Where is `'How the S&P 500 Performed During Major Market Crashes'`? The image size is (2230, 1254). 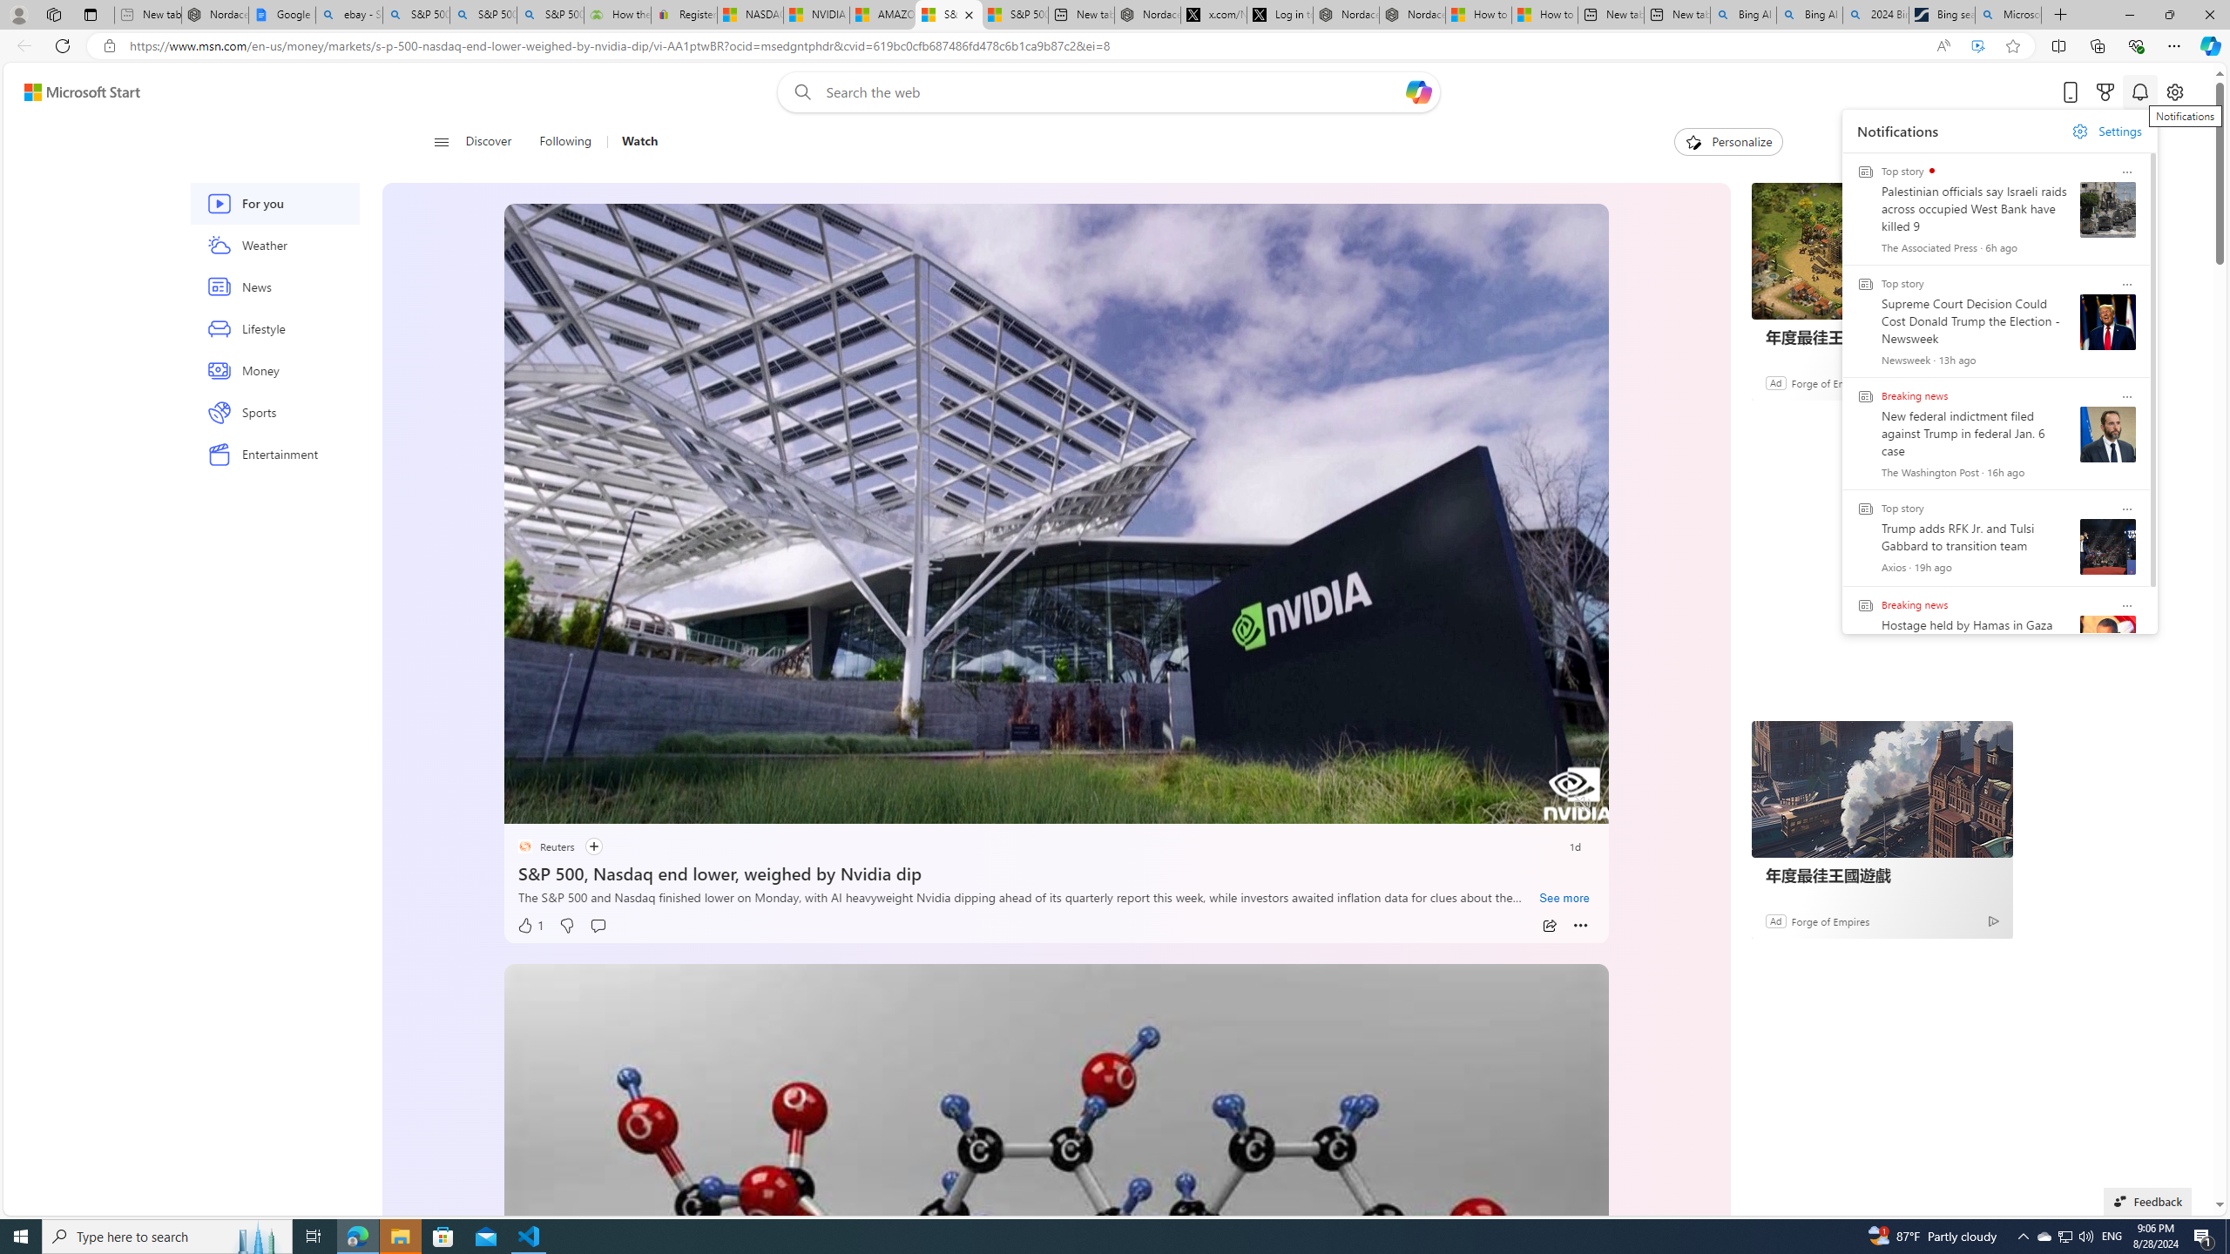
'How the S&P 500 Performed During Major Market Crashes' is located at coordinates (618, 14).